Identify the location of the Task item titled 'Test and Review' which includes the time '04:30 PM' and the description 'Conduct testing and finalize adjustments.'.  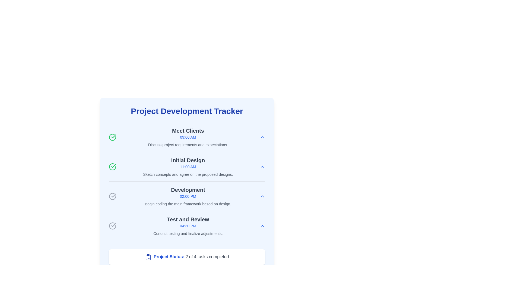
(188, 226).